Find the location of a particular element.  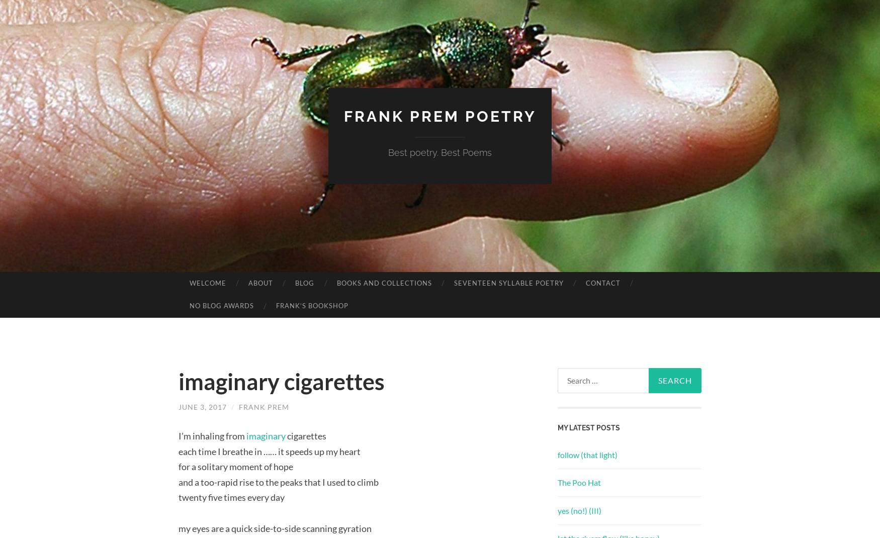

'twenty five times every day' is located at coordinates (231, 497).